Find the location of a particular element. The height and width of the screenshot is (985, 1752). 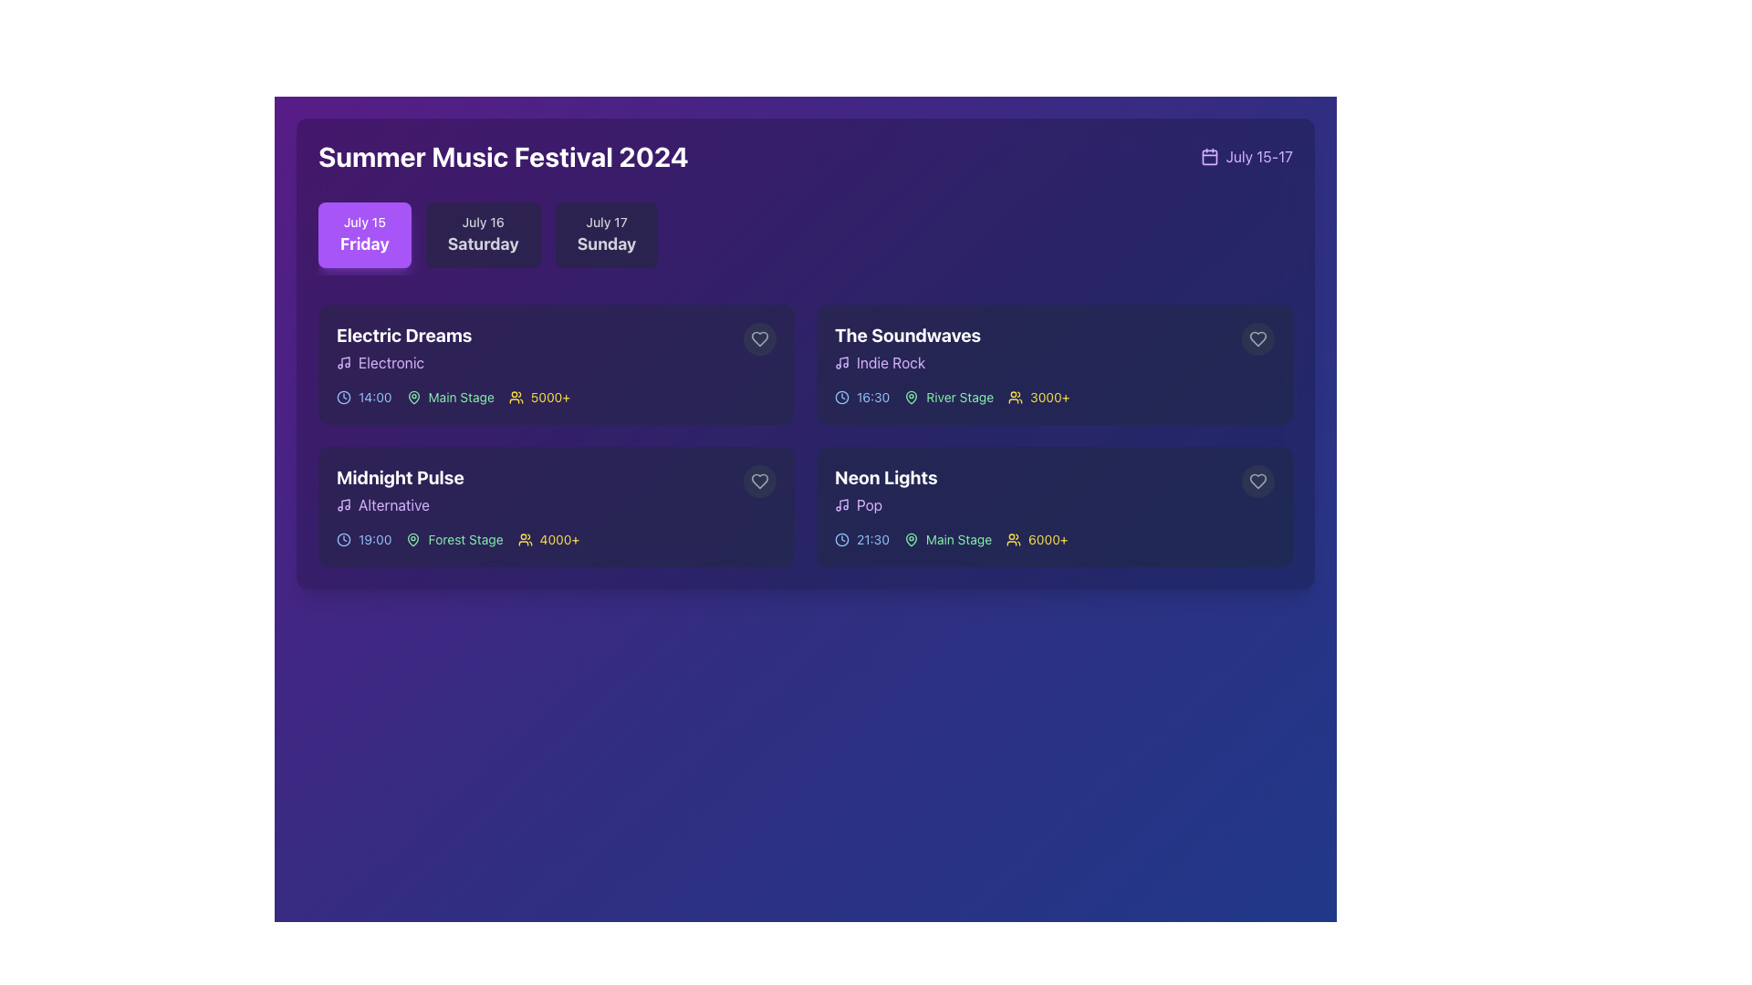

the static text label displaying 'River Stage', which is styled in green and located in the card structure for 'The Soundwaves' event, positioned to the right of a small green map pin icon is located at coordinates (959, 396).